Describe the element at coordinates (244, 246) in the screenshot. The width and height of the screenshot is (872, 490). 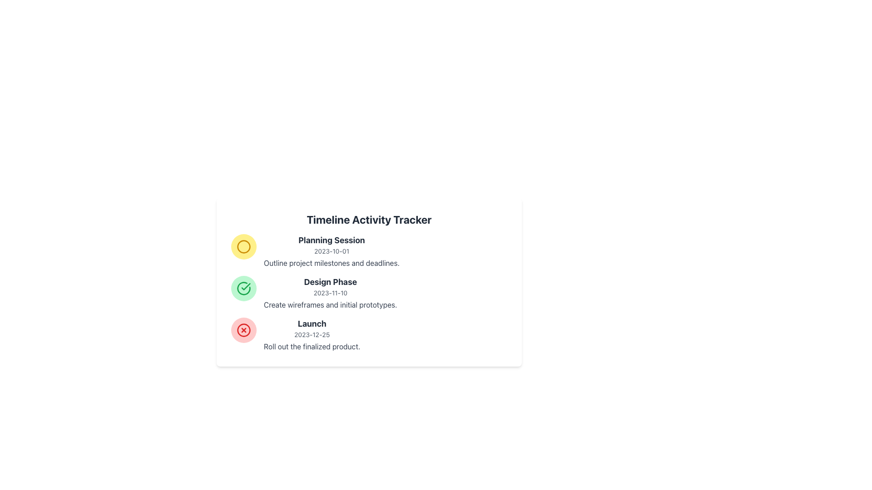
I see `the graphic icon representing the planning session in the timeline activity tracker, located in the first column directly to the left of the 'Planning Session' text` at that location.